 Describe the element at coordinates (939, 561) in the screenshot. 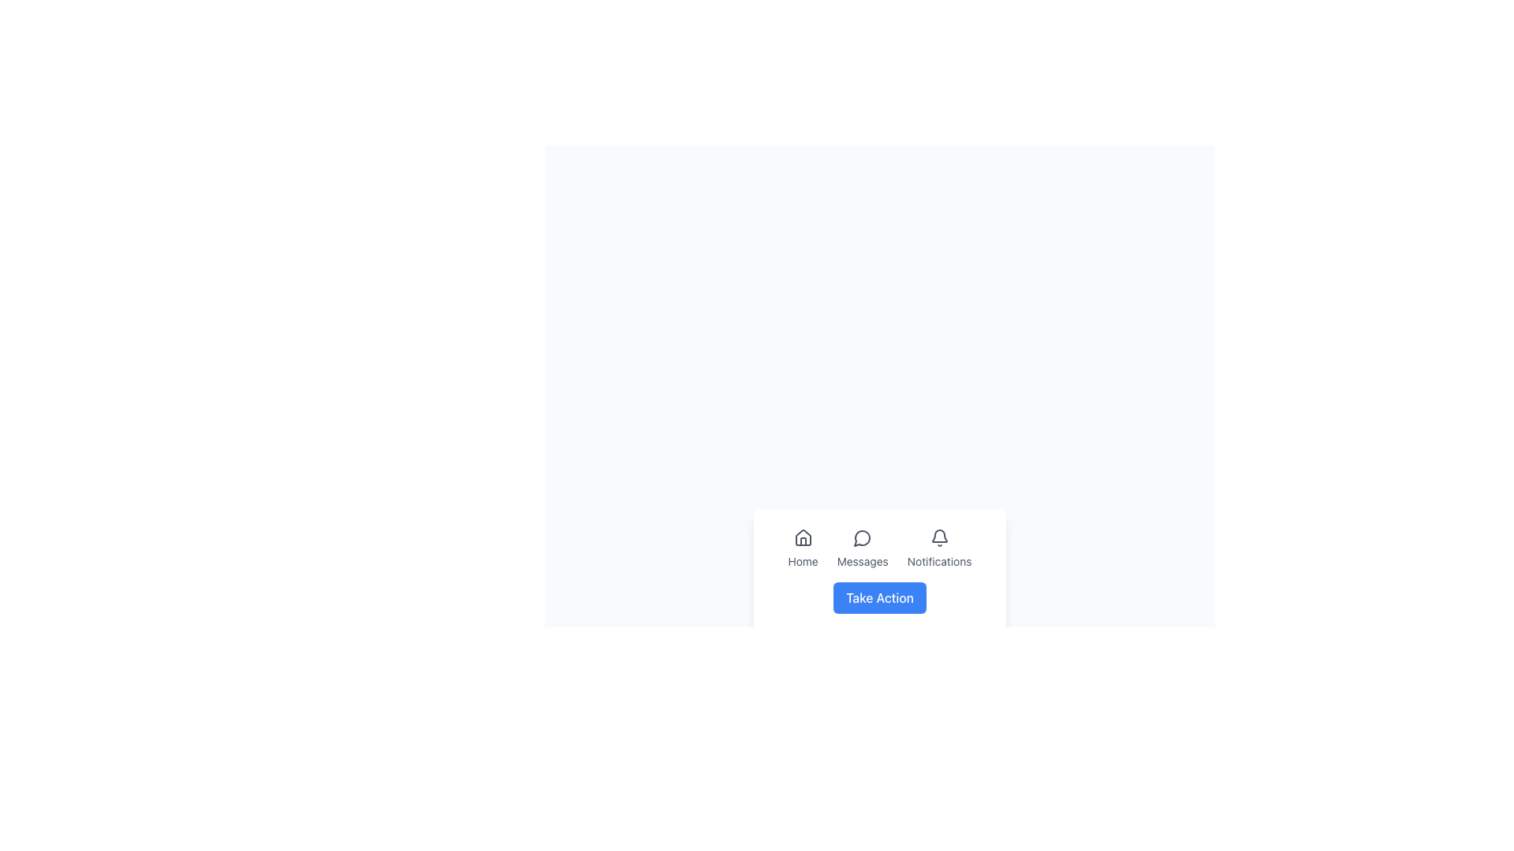

I see `the Static Text Label for the notification feature in the navigation menu, which is located at the bottom of the interface and is the third item from the left` at that location.